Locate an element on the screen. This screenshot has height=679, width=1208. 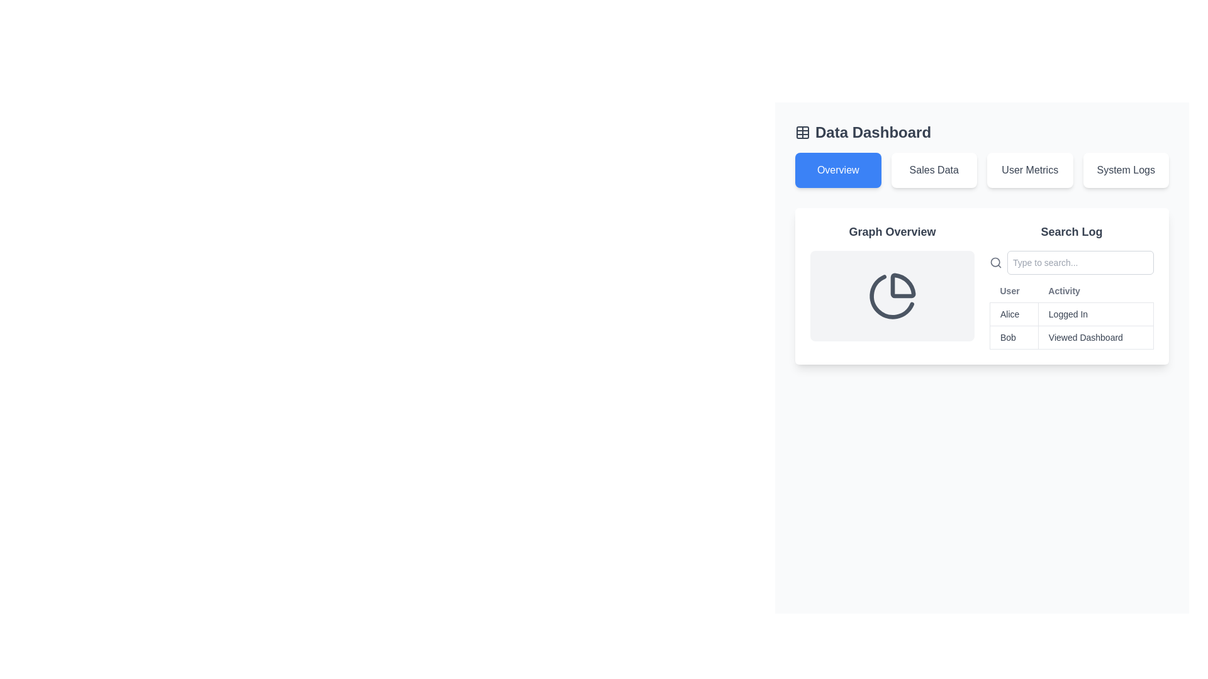
a cell within the 'Search Log' table is located at coordinates (1071, 300).